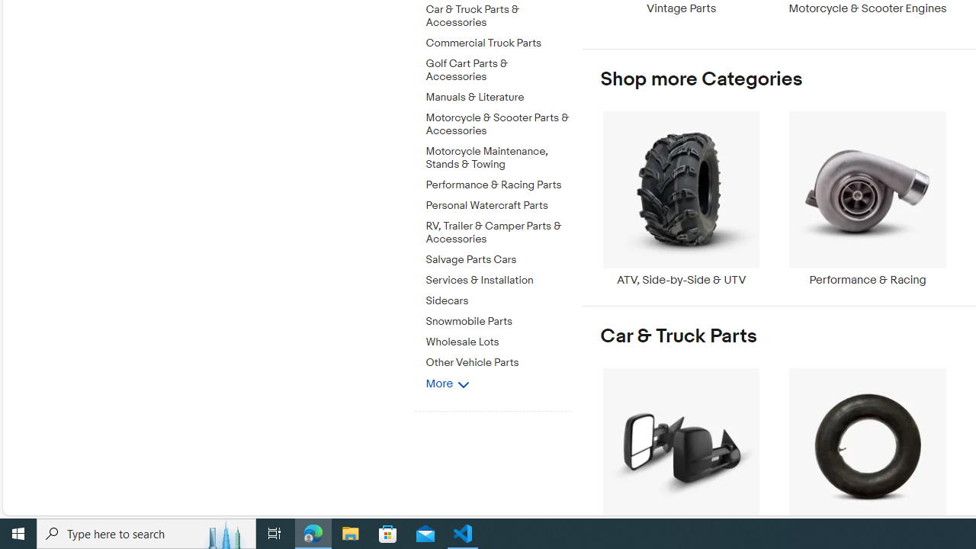  What do you see at coordinates (680, 454) in the screenshot?
I see `'Exterior Parts & Accessories'` at bounding box center [680, 454].